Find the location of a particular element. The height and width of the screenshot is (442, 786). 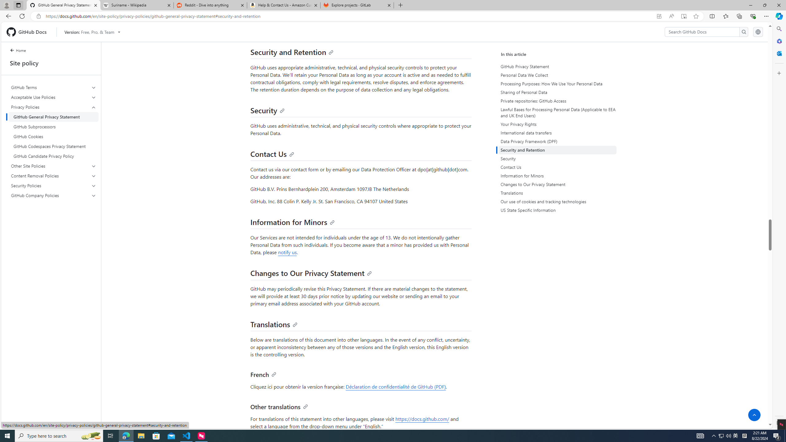

'GitHub Terms' is located at coordinates (54, 87).